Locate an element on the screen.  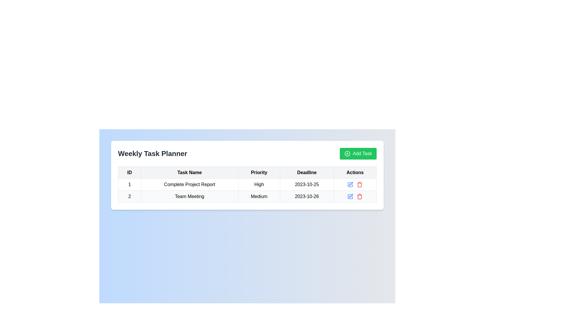
the text label in the fourth column of the first row that conveys the deadline for the task 'Complete Project Report' is located at coordinates (307, 184).